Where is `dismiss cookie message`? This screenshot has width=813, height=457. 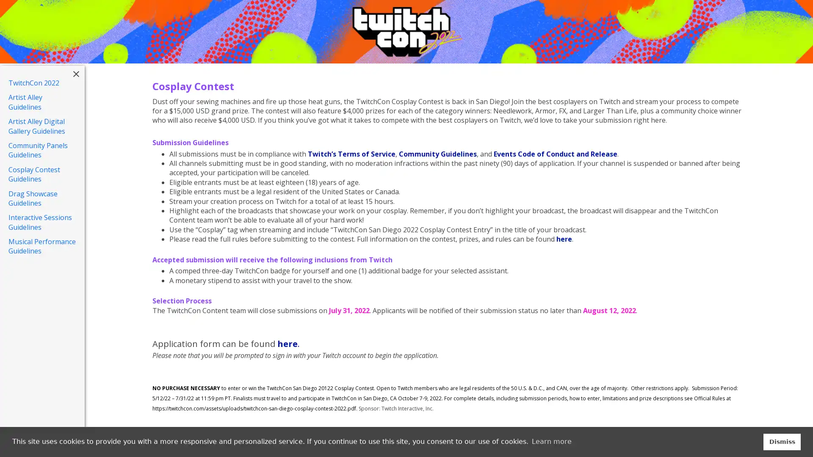
dismiss cookie message is located at coordinates (782, 441).